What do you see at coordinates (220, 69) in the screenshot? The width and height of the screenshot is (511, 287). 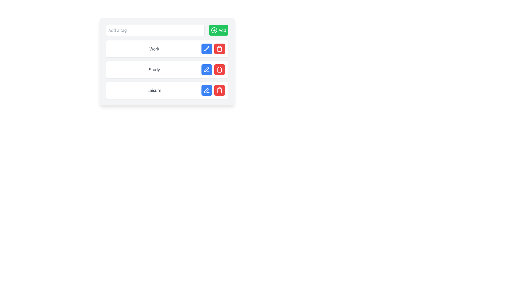 I see `the delete button located on the far-right side of the row labeled 'Study'` at bounding box center [220, 69].